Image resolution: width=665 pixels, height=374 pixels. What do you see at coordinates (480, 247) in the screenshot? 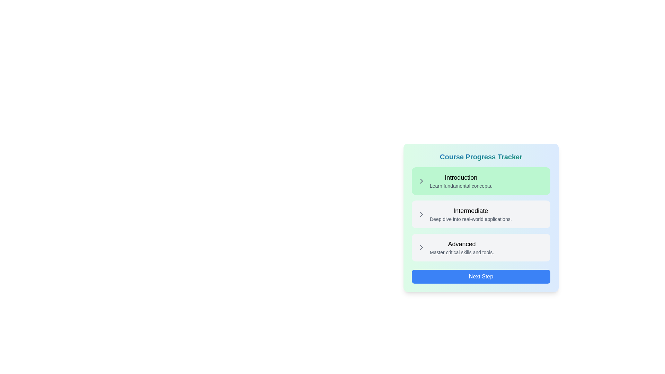
I see `the 'Advanced' course section, which is the third item in the vertical list of course sections` at bounding box center [480, 247].